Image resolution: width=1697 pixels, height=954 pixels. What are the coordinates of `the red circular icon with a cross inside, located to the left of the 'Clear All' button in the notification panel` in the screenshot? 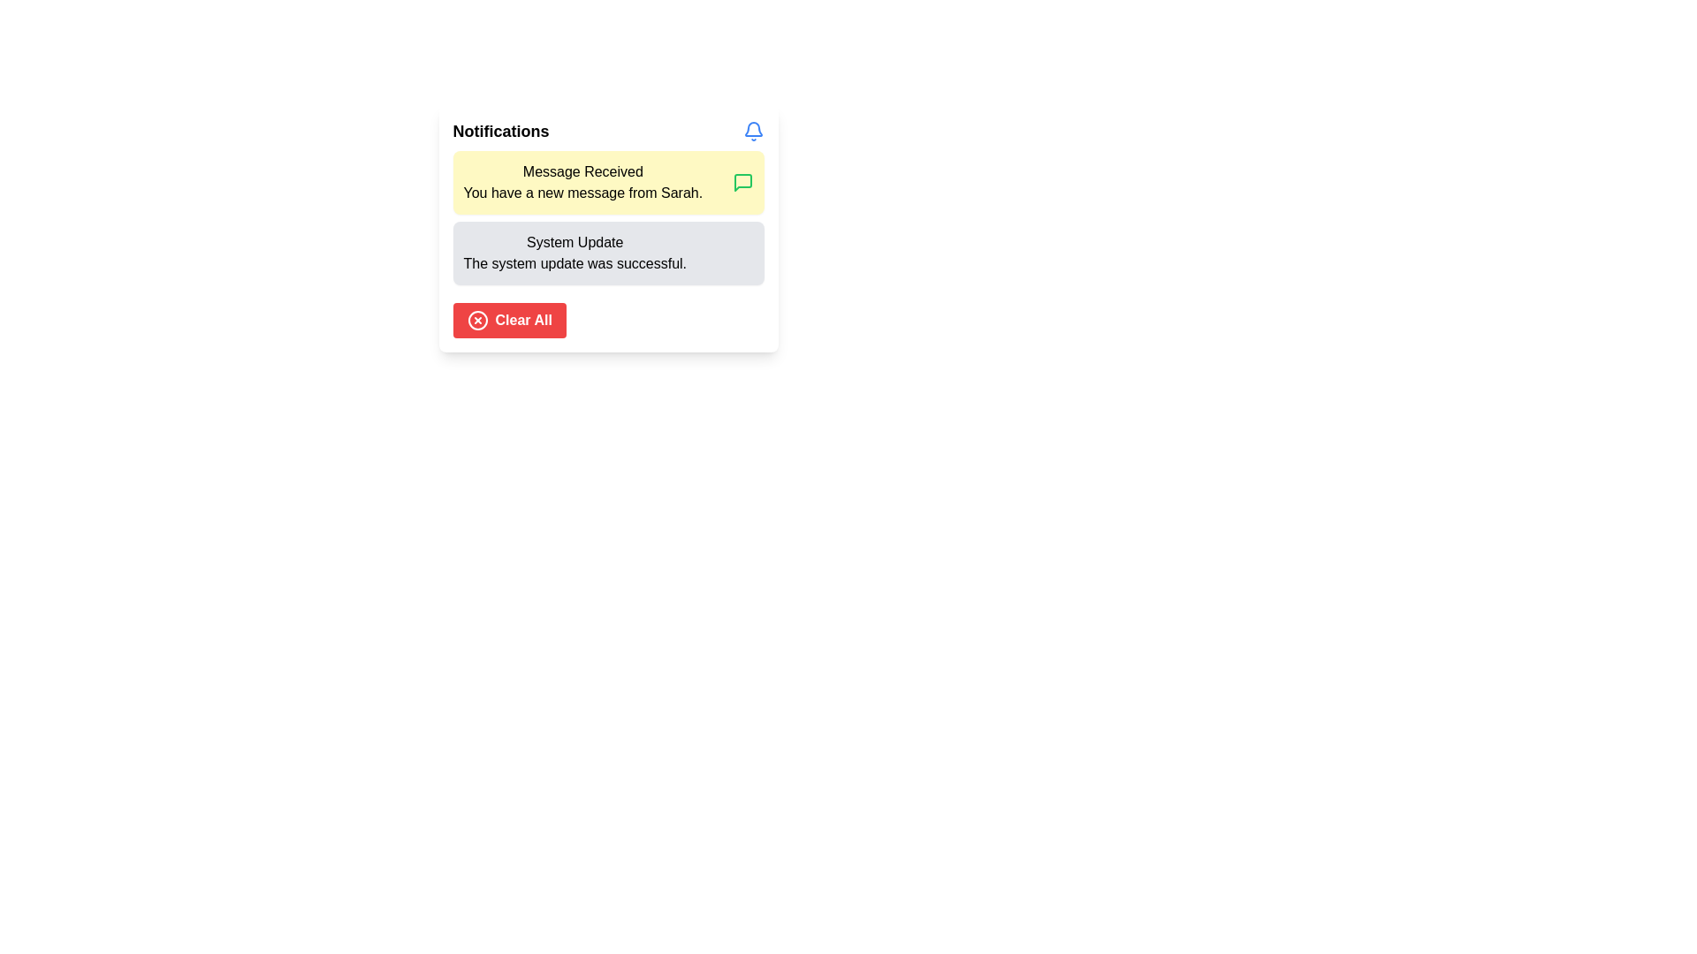 It's located at (477, 320).